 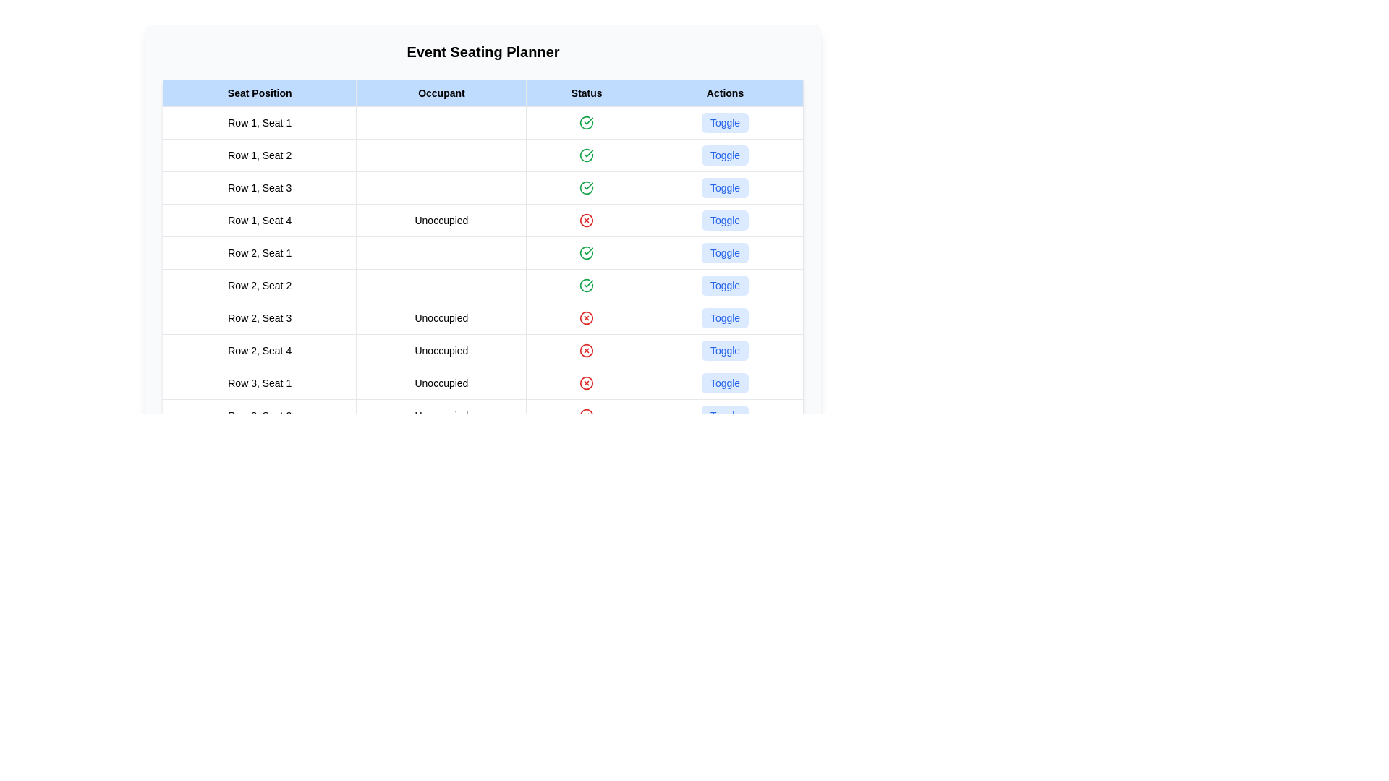 I want to click on the toggle button in the 'Actions' column of 'Row 2, Seat 2', so click(x=725, y=285).